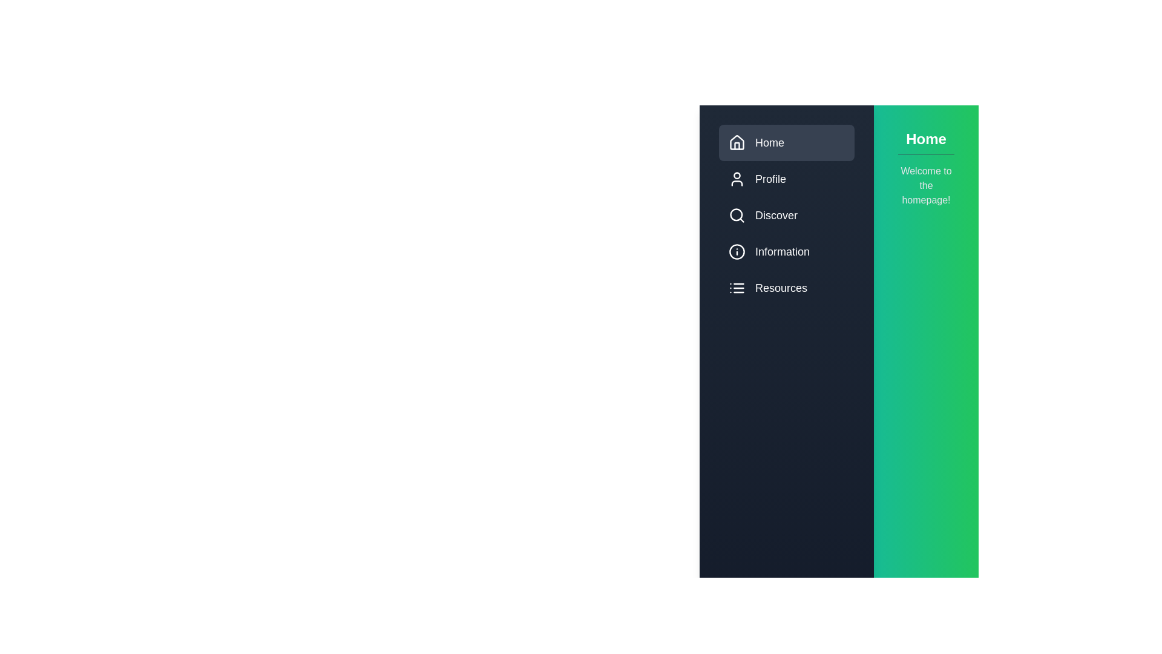 Image resolution: width=1162 pixels, height=654 pixels. Describe the element at coordinates (787, 288) in the screenshot. I see `the menu item Resources to preview its interaction` at that location.